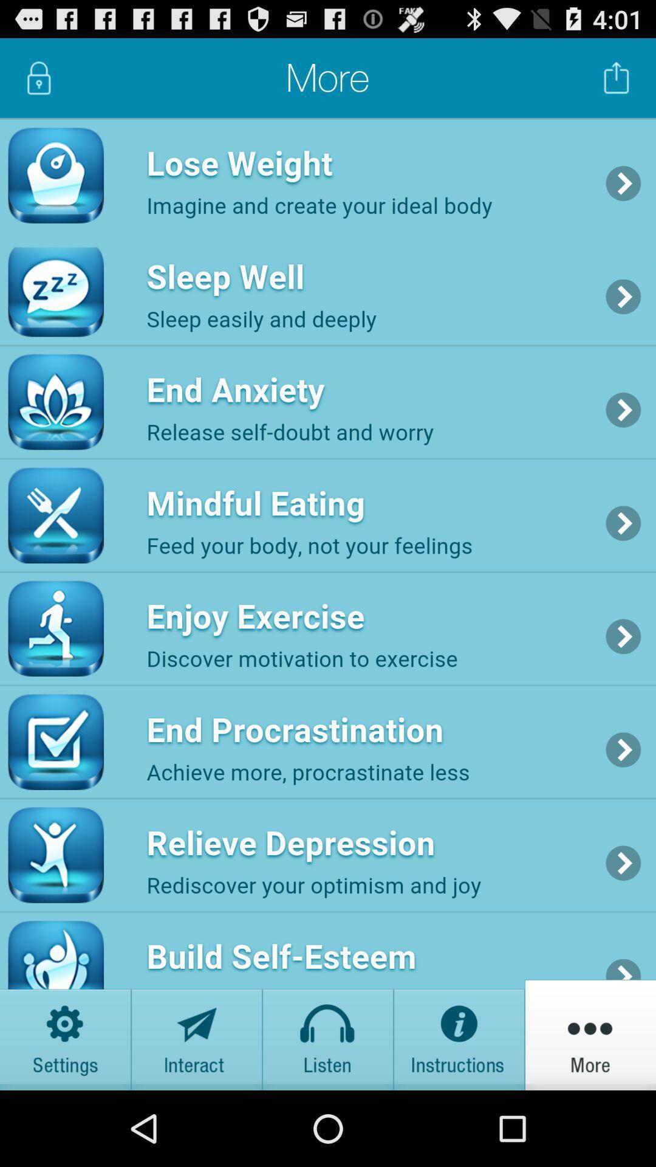  What do you see at coordinates (459, 1034) in the screenshot?
I see `click for view` at bounding box center [459, 1034].